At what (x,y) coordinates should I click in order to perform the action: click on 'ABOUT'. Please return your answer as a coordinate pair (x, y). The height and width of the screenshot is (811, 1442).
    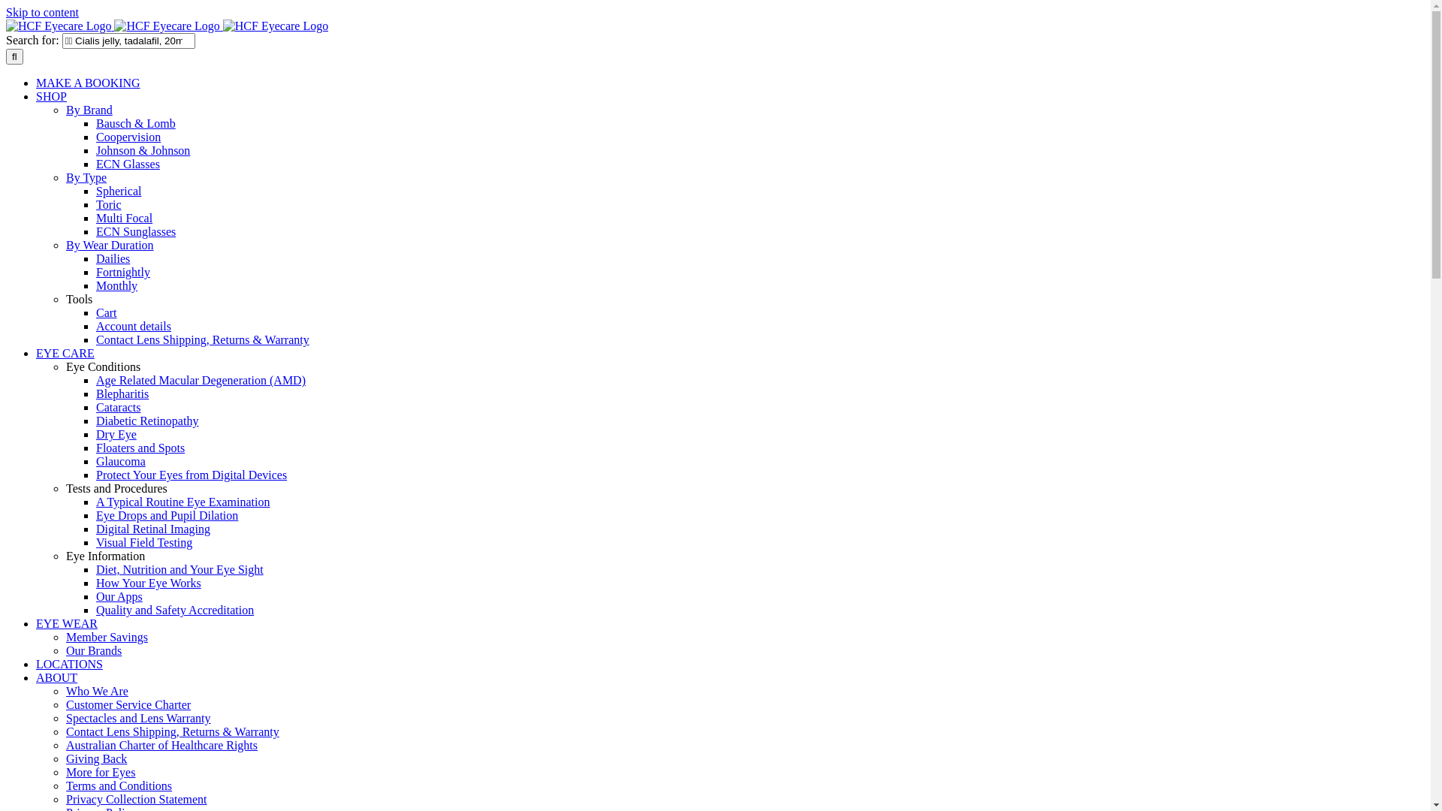
    Looking at the image, I should click on (56, 677).